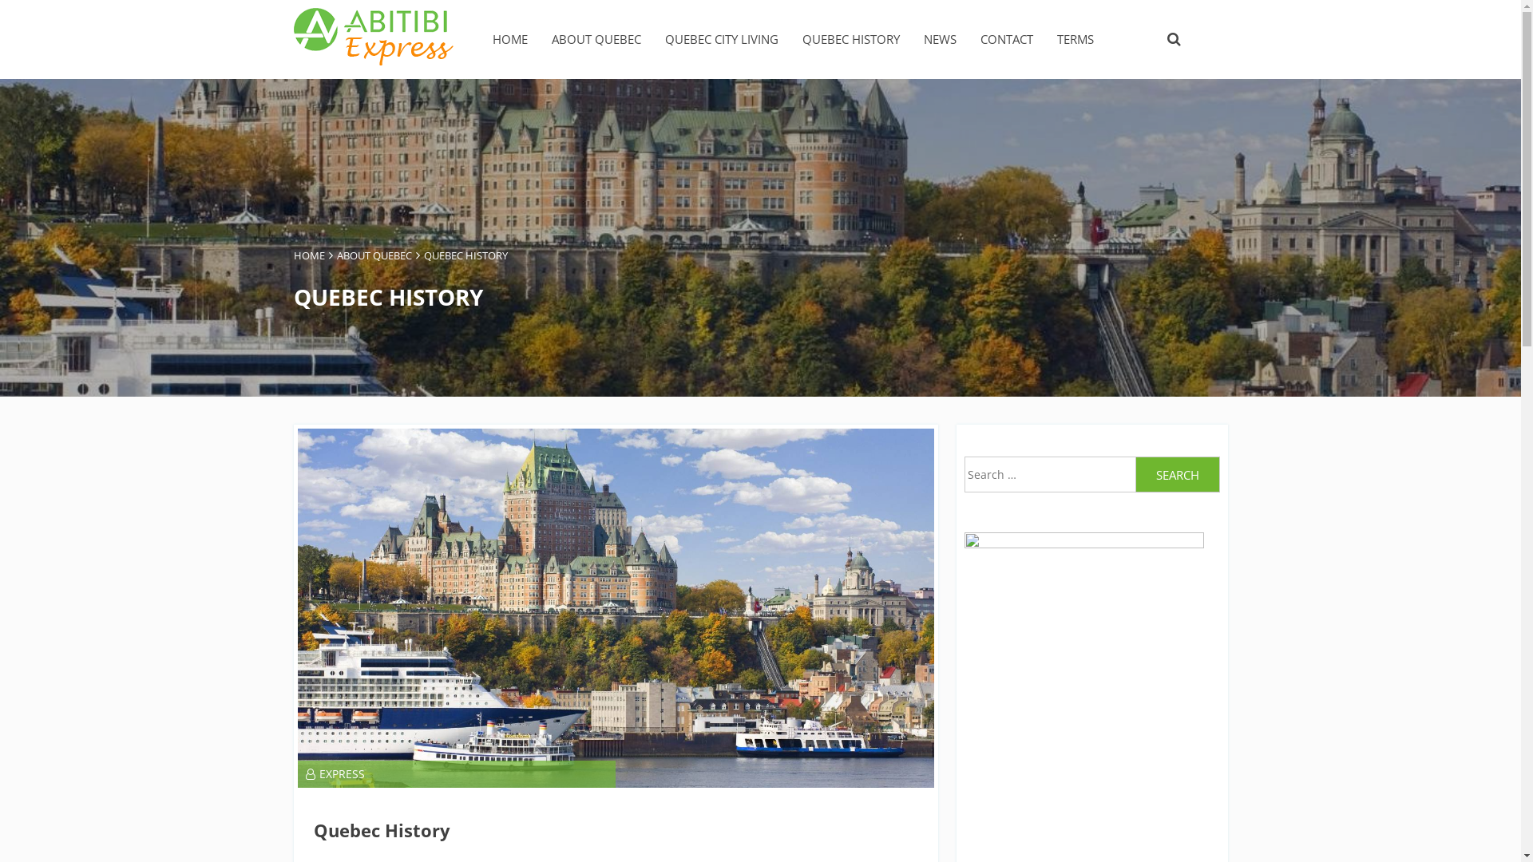  What do you see at coordinates (509, 38) in the screenshot?
I see `'HOME'` at bounding box center [509, 38].